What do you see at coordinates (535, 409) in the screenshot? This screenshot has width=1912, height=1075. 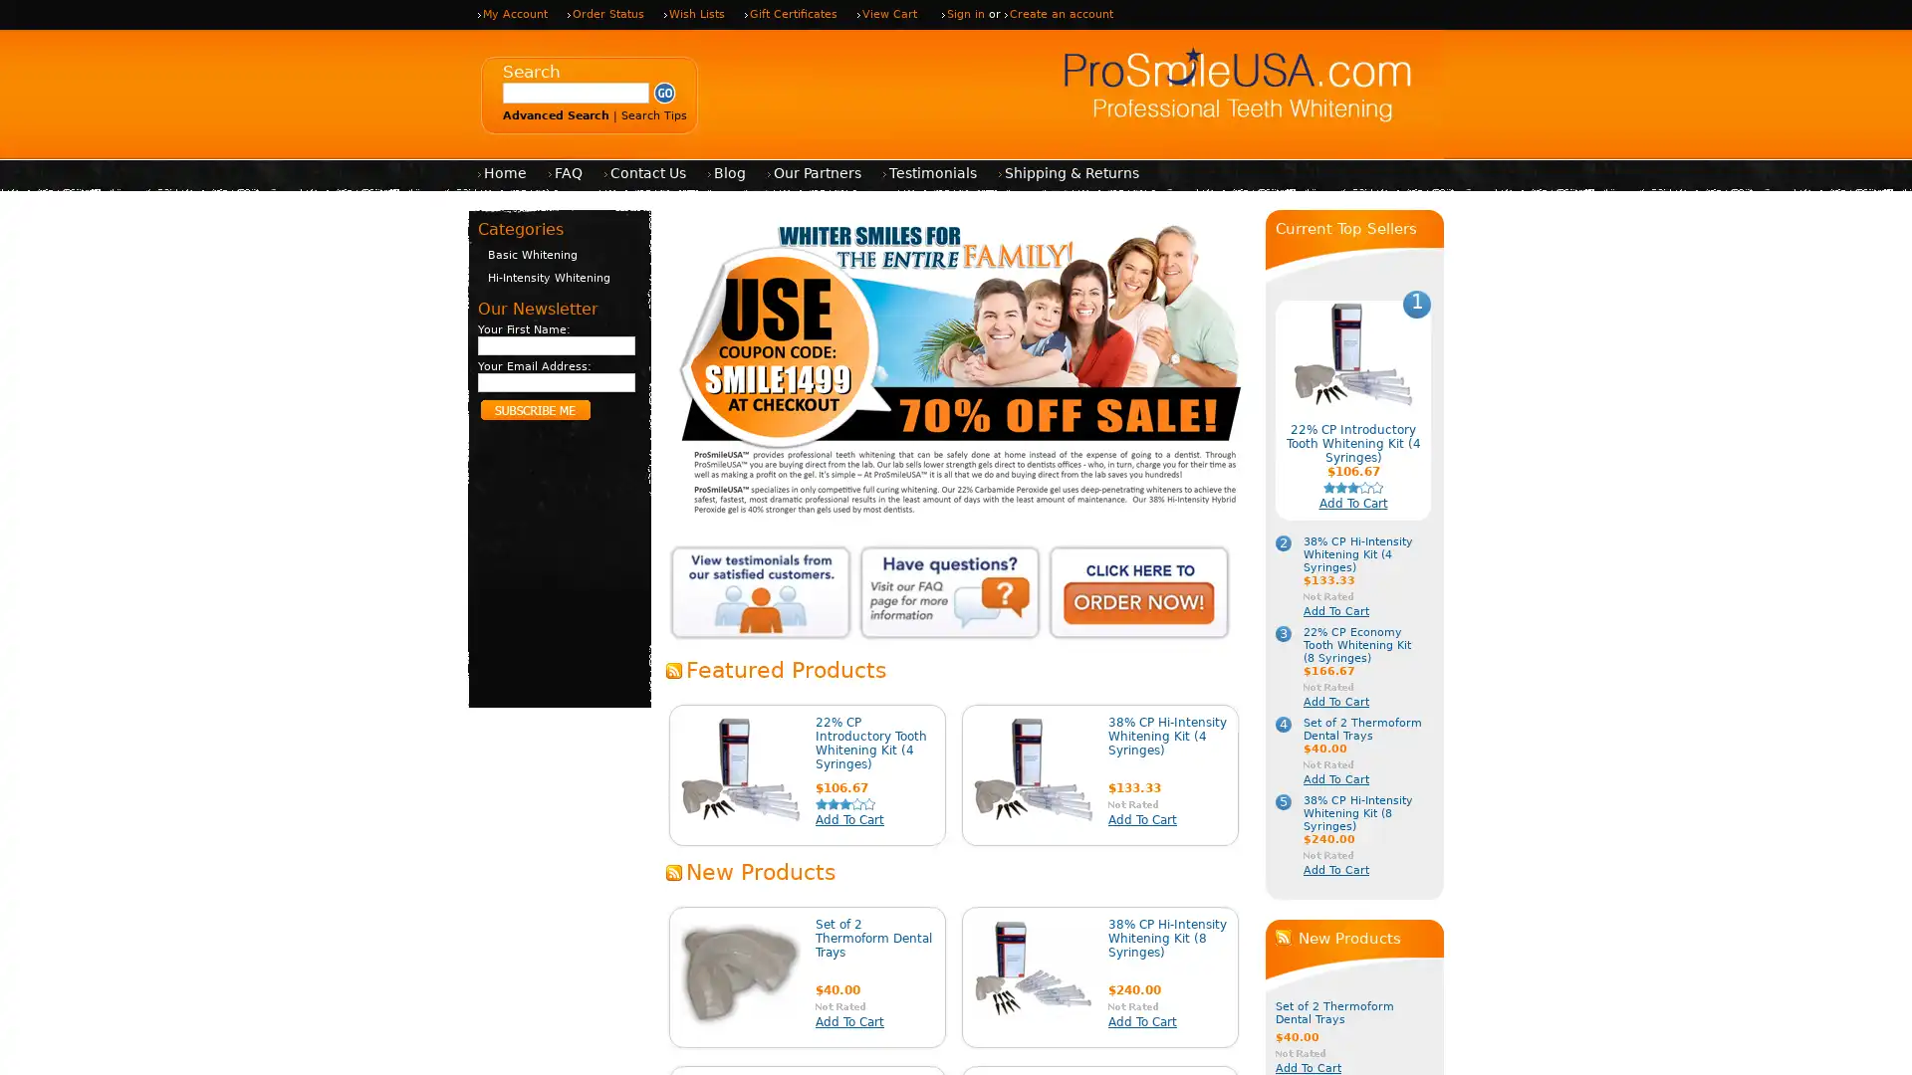 I see `Subscribe` at bounding box center [535, 409].